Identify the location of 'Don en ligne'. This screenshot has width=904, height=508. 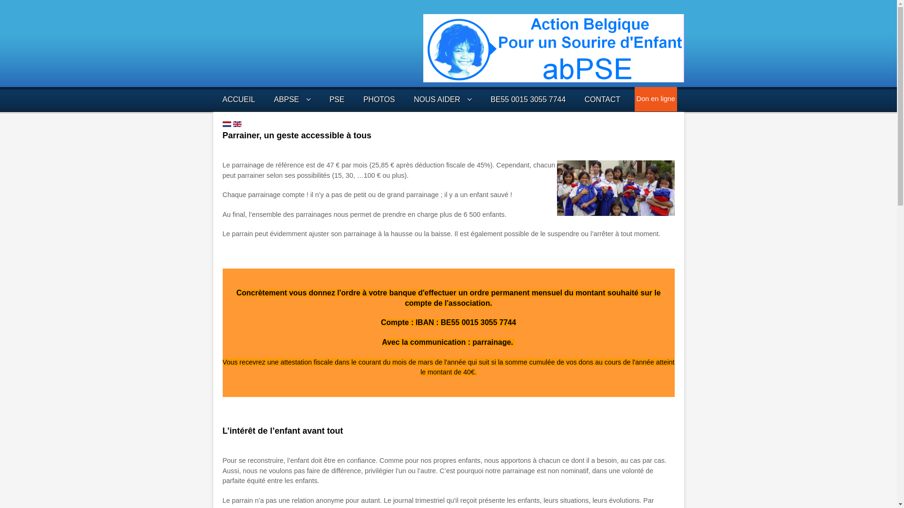
(637, 98).